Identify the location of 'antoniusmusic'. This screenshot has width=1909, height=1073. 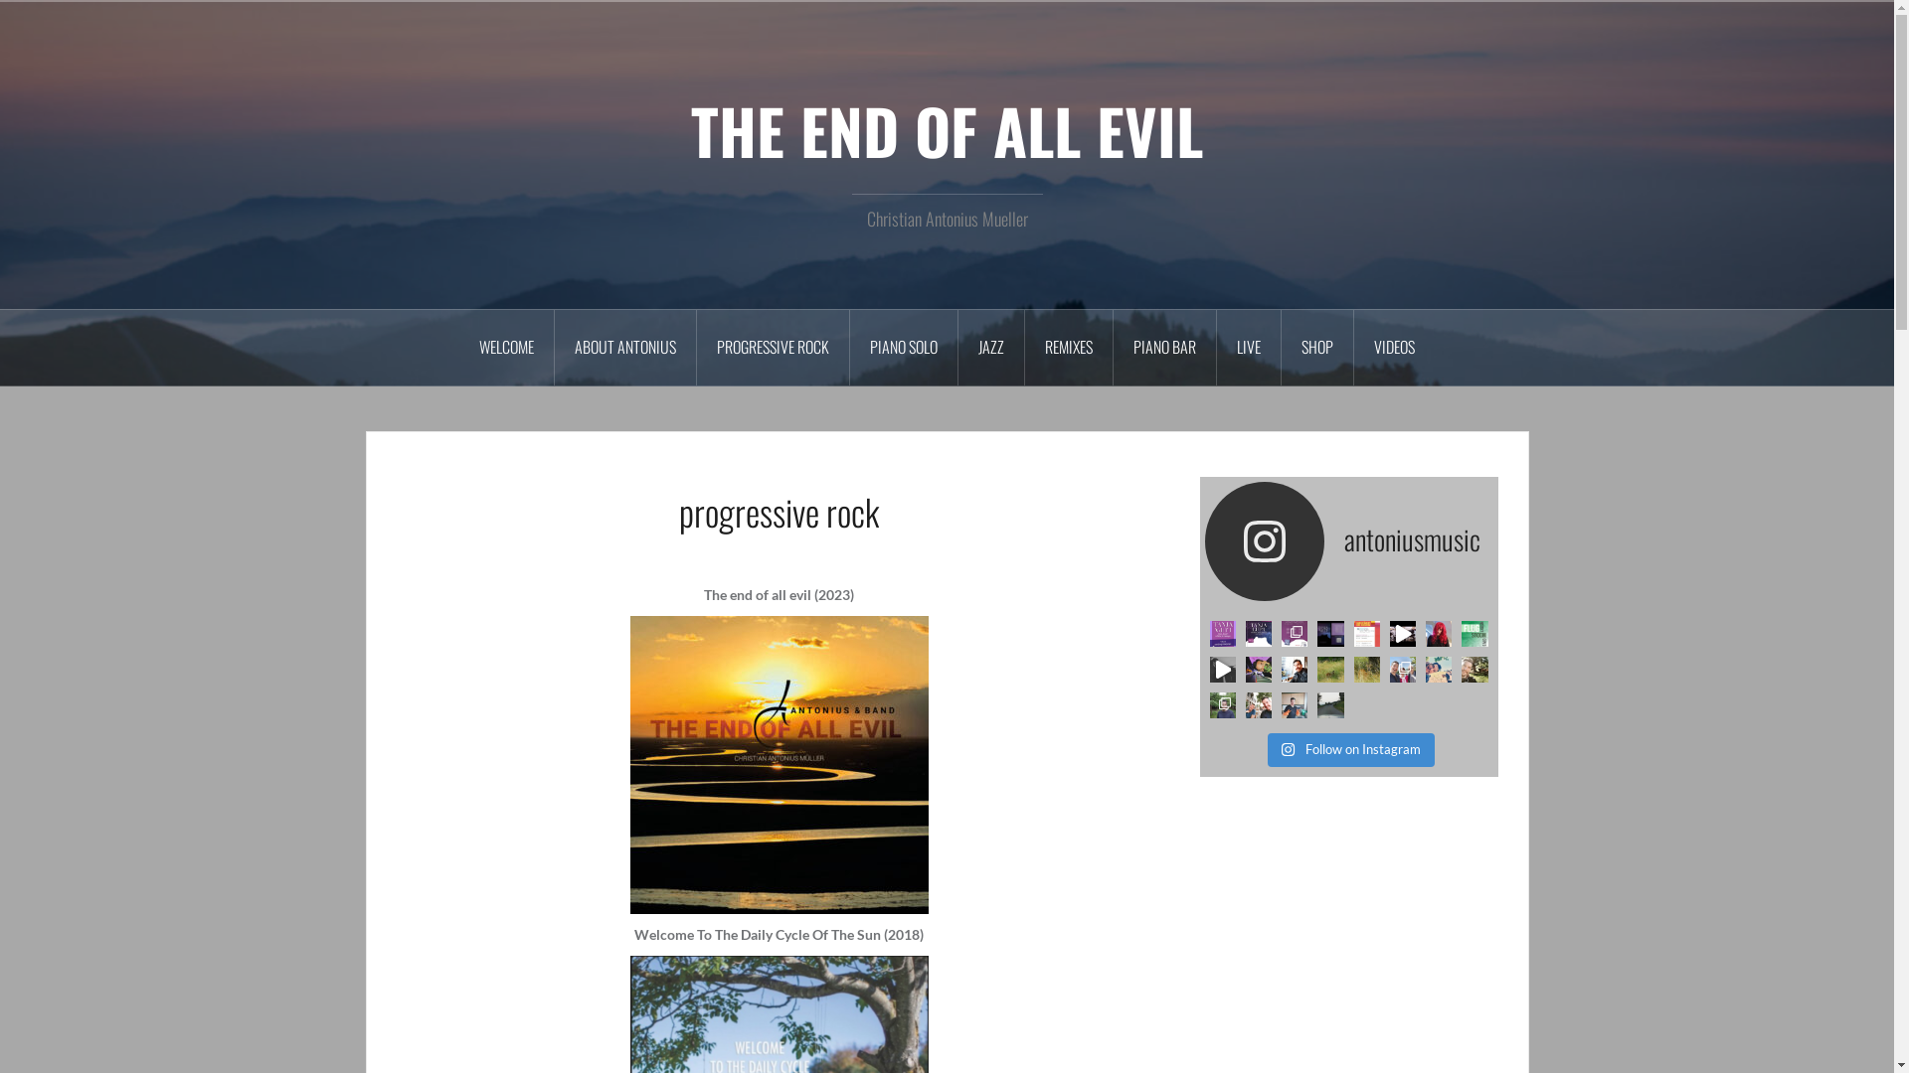
(1349, 540).